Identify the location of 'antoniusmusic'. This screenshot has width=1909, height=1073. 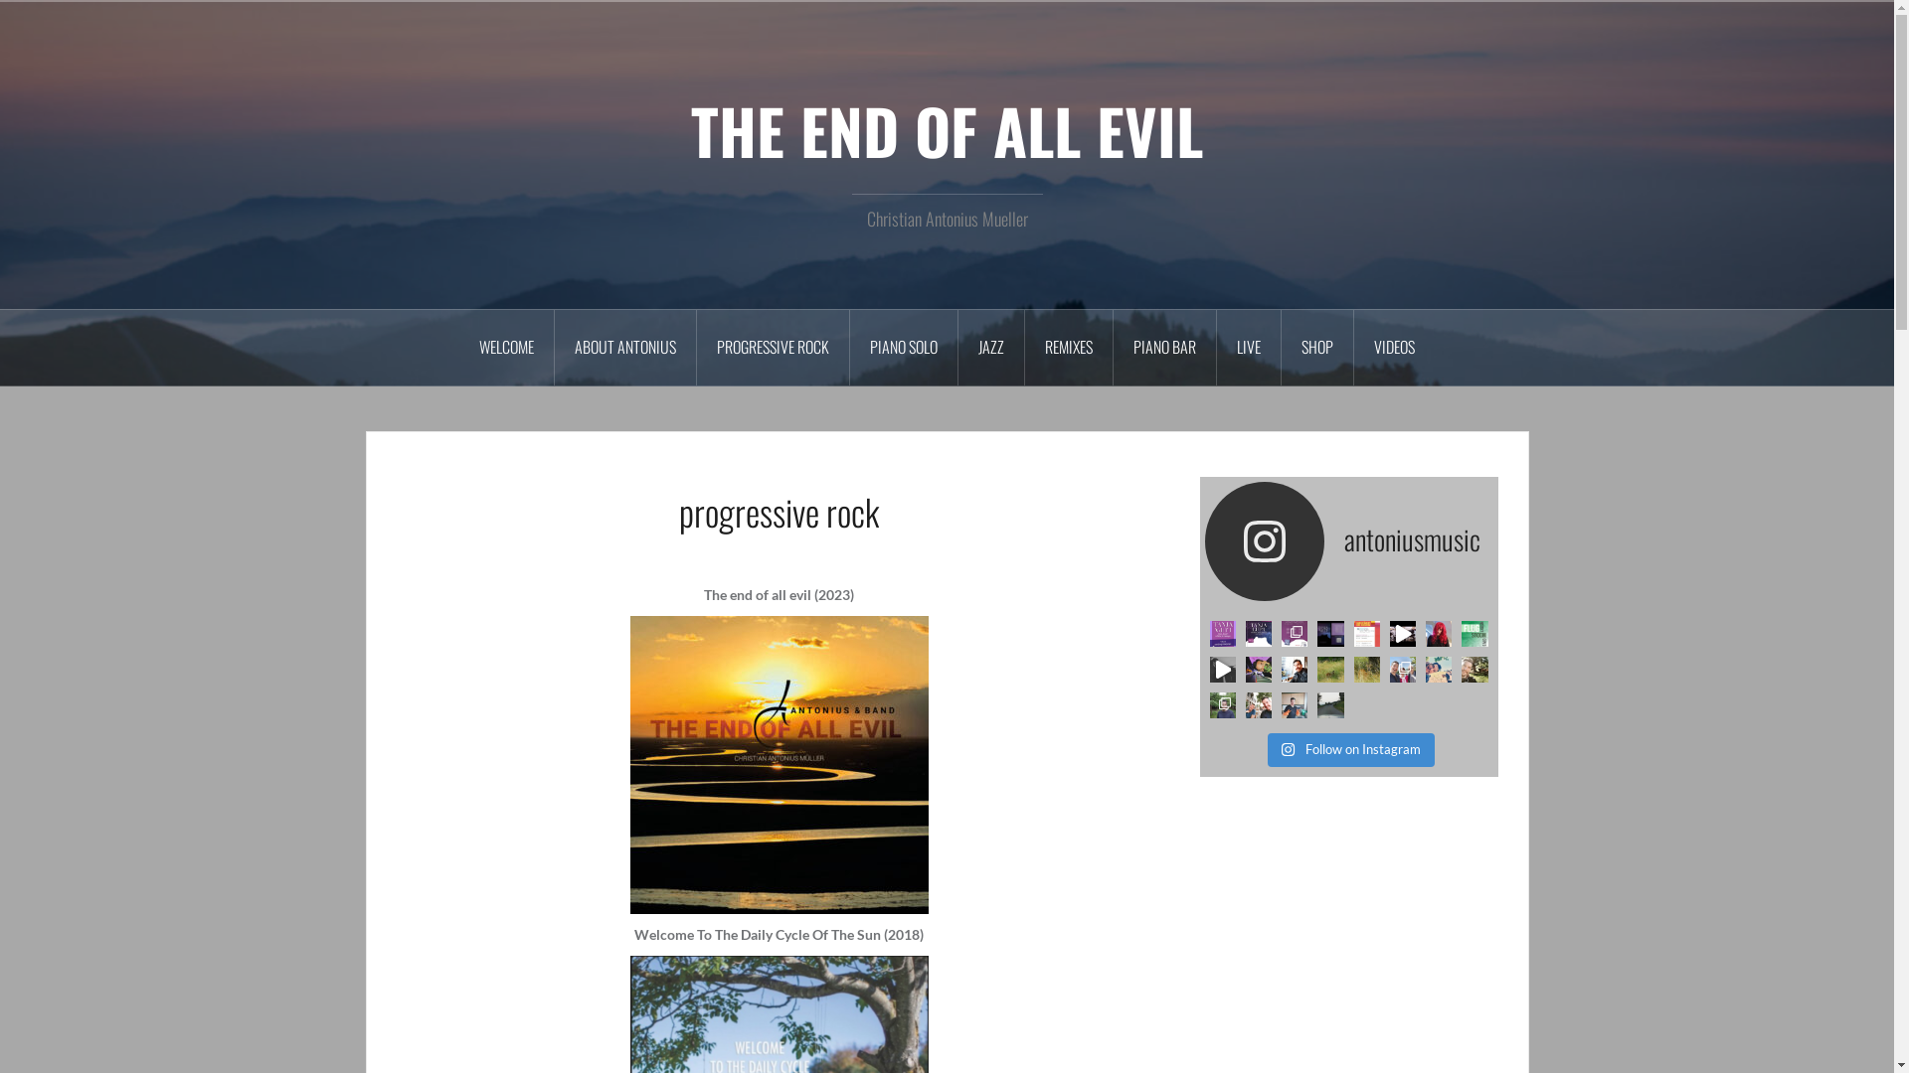
(1349, 540).